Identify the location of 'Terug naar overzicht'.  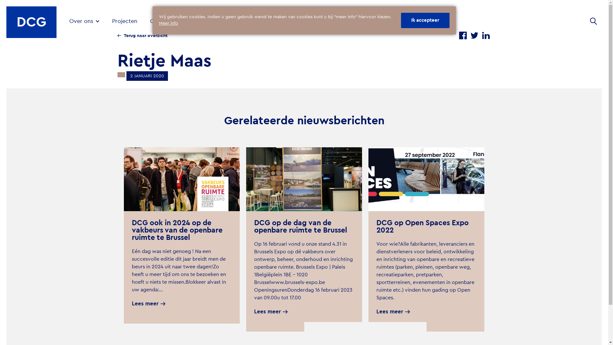
(117, 35).